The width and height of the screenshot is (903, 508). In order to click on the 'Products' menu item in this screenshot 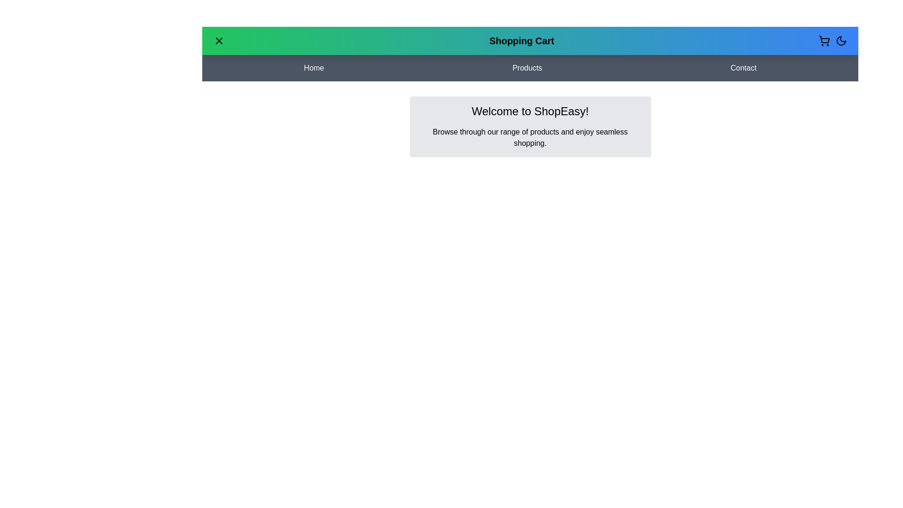, I will do `click(527, 68)`.